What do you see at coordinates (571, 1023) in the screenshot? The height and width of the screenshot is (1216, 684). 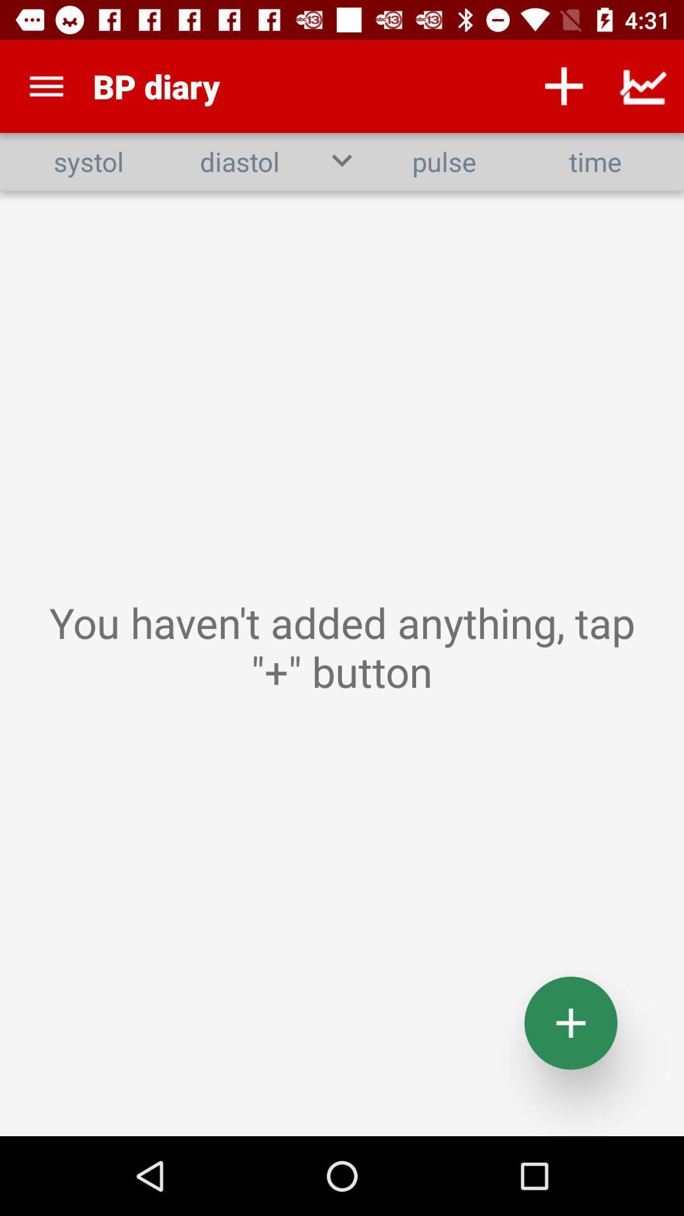 I see `the add icon` at bounding box center [571, 1023].